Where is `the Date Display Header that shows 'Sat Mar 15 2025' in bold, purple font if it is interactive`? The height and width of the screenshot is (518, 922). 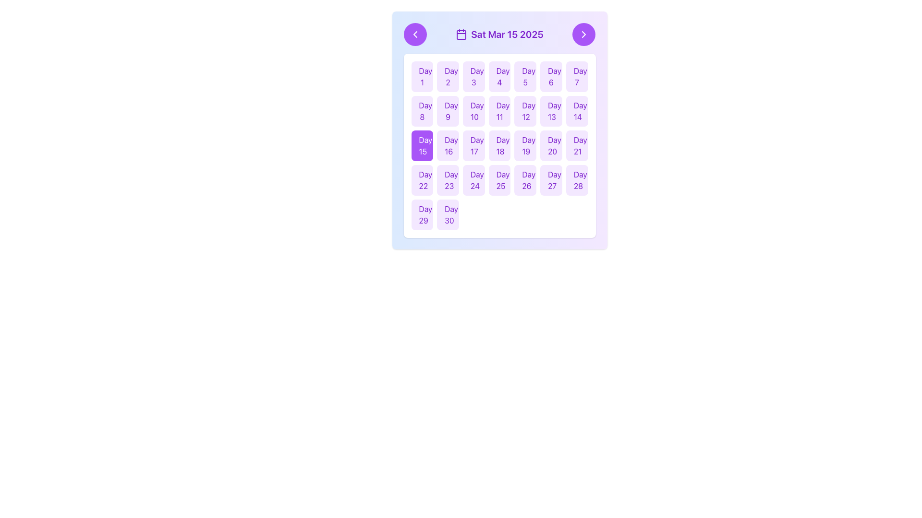 the Date Display Header that shows 'Sat Mar 15 2025' in bold, purple font if it is interactive is located at coordinates (499, 34).